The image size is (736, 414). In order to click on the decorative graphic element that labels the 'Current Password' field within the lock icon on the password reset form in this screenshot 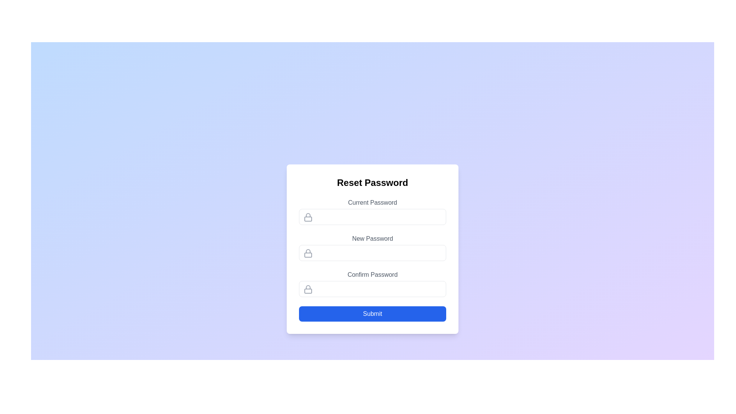, I will do `click(308, 219)`.